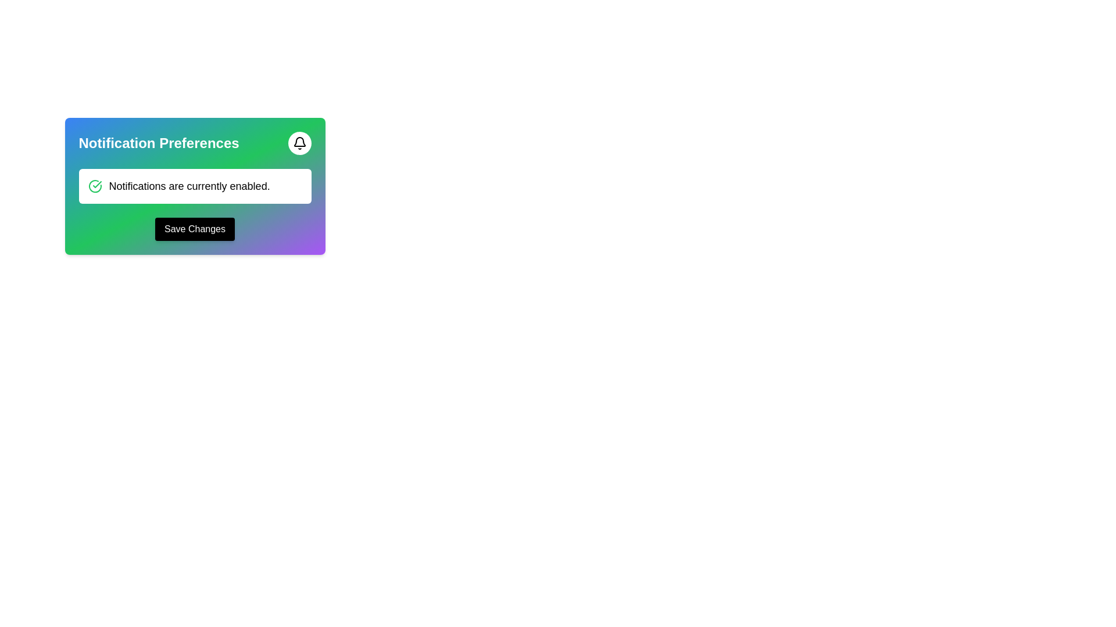 The height and width of the screenshot is (627, 1116). What do you see at coordinates (95, 185) in the screenshot?
I see `the checkmark circle icon indicating that notifications are enabled, which is located to the left of the text 'Notifications are currently enabled.'` at bounding box center [95, 185].